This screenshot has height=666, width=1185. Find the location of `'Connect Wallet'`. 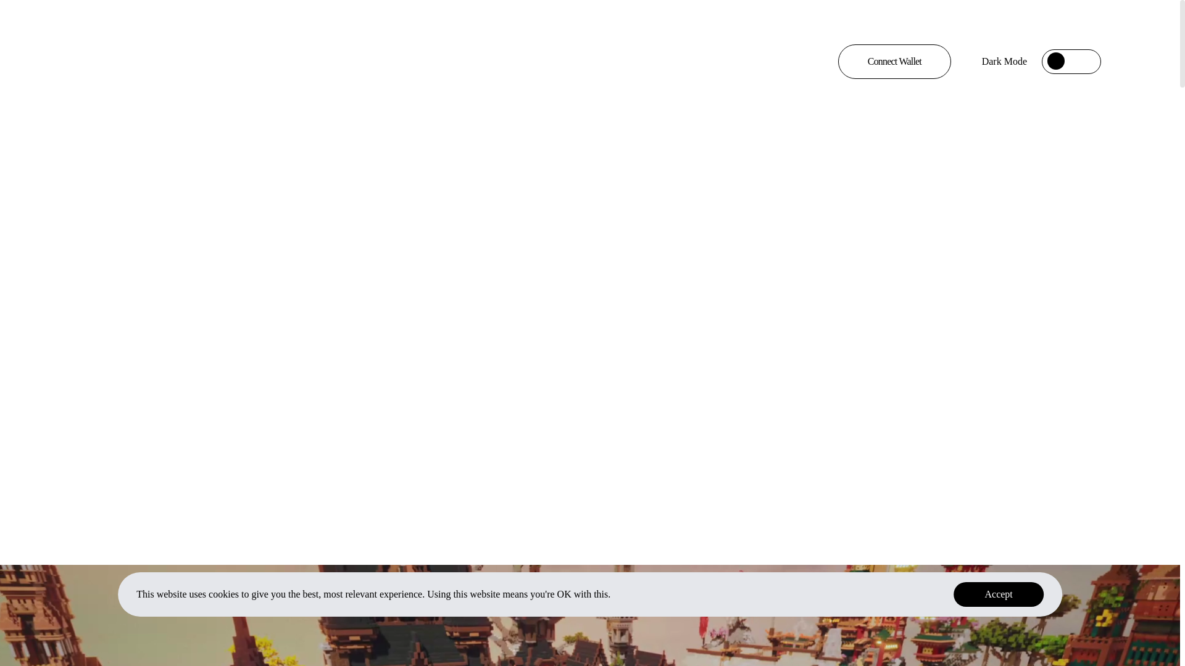

'Connect Wallet' is located at coordinates (894, 62).